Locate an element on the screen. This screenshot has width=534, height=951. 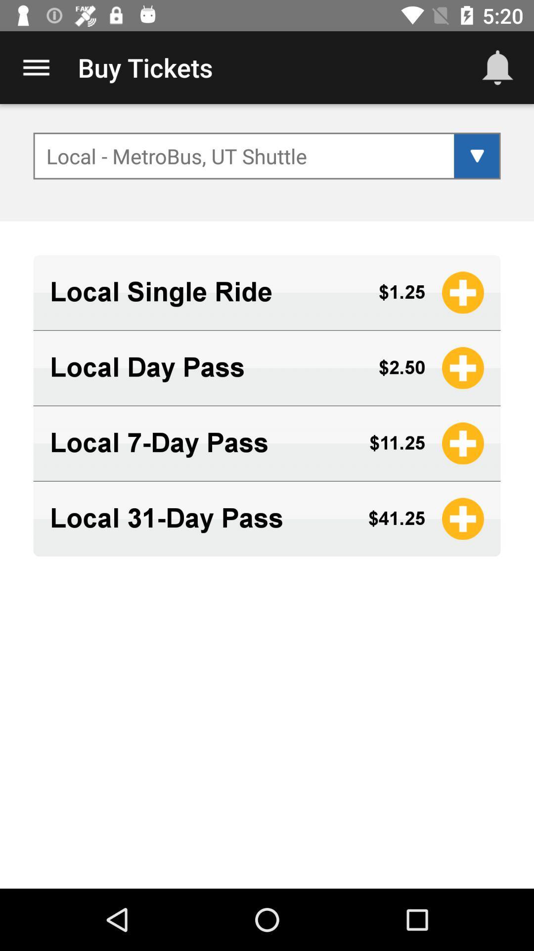
icon to the right of local day pass is located at coordinates (402, 368).